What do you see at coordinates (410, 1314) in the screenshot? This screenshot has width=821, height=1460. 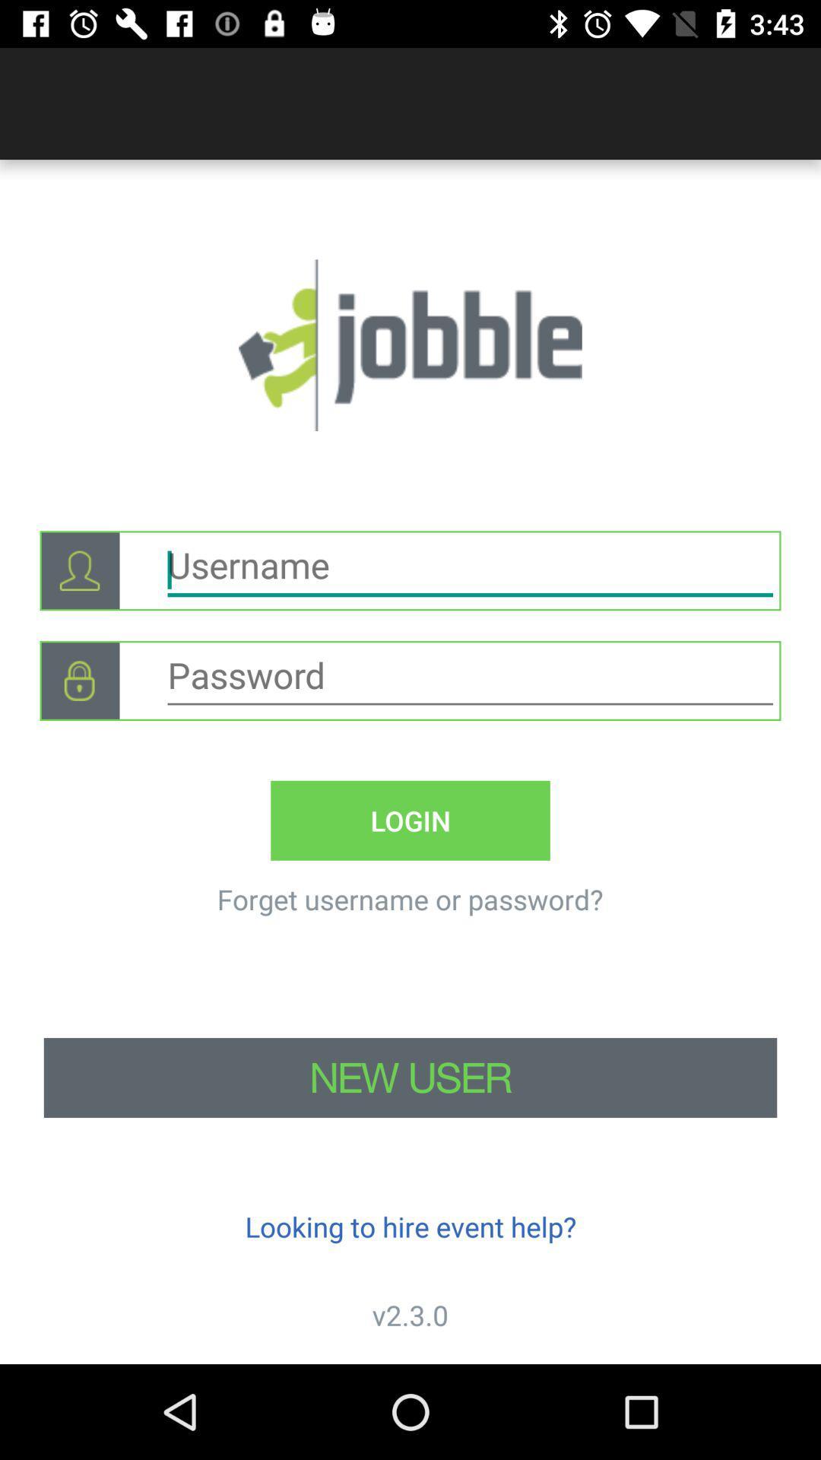 I see `v2.3.0` at bounding box center [410, 1314].